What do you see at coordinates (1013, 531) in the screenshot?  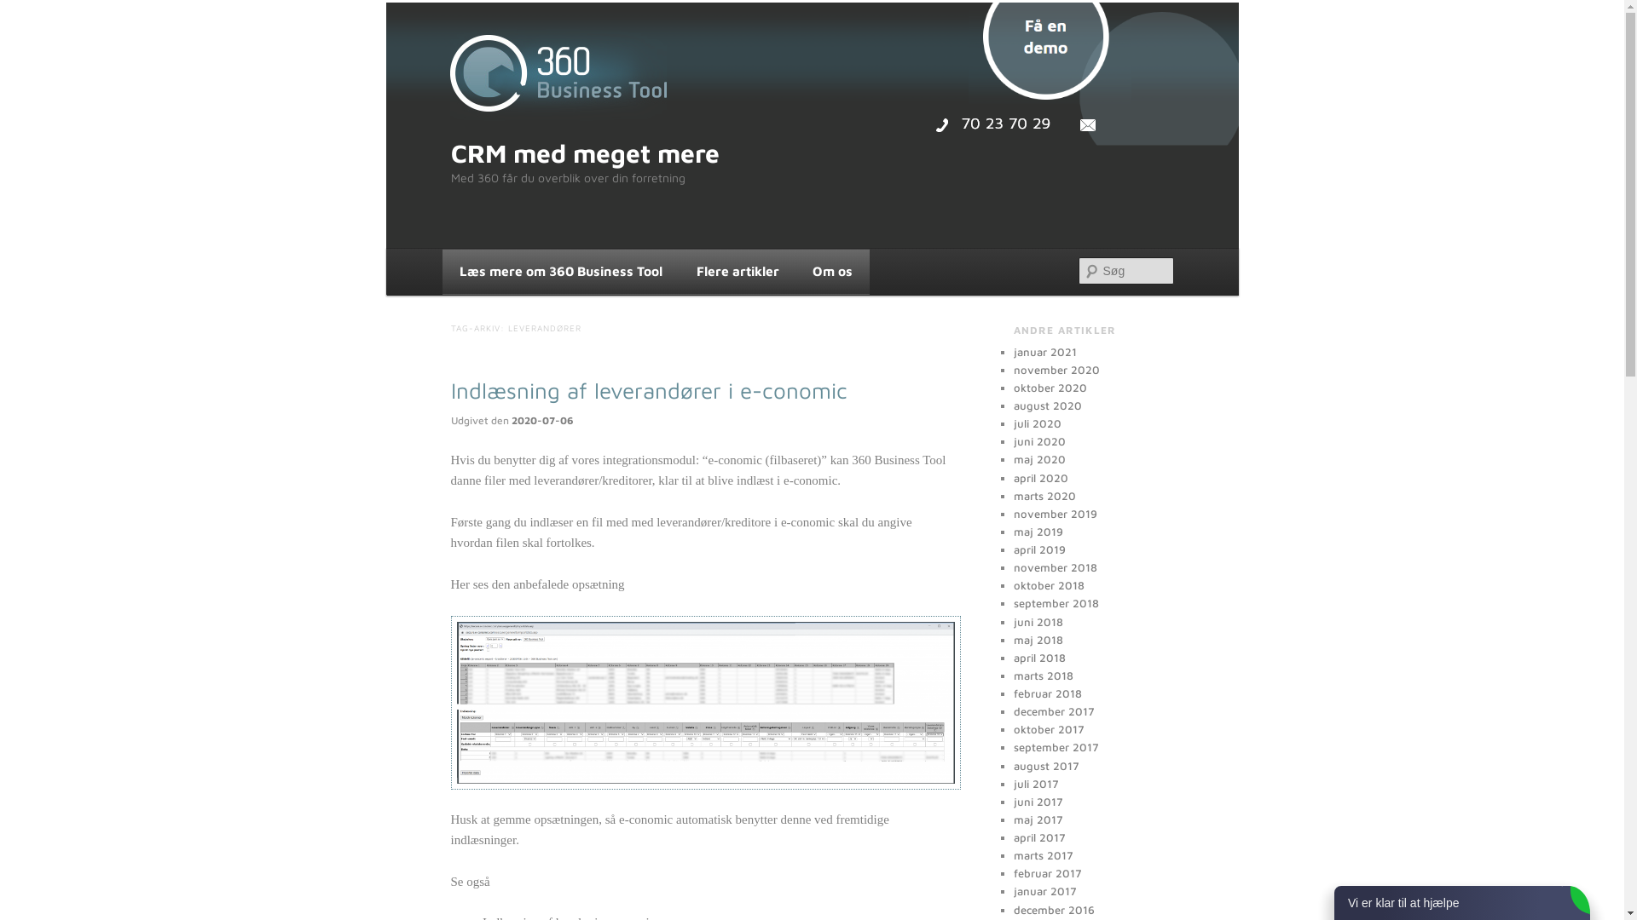 I see `'maj 2019'` at bounding box center [1013, 531].